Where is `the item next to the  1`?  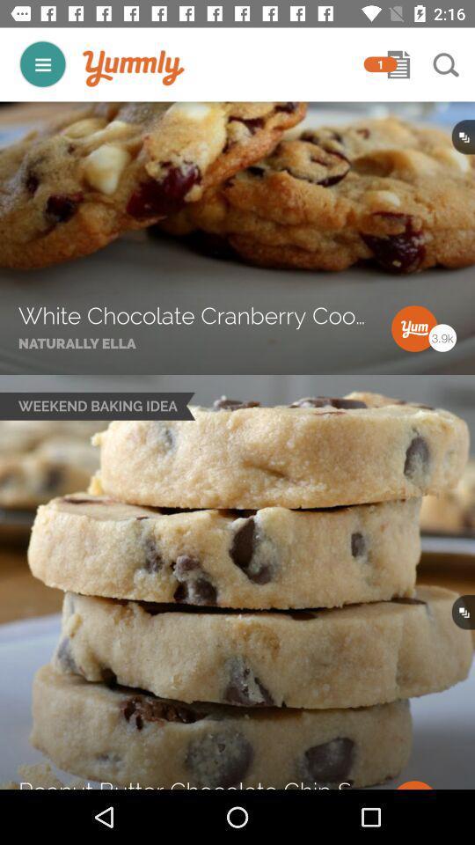 the item next to the  1 is located at coordinates (133, 69).